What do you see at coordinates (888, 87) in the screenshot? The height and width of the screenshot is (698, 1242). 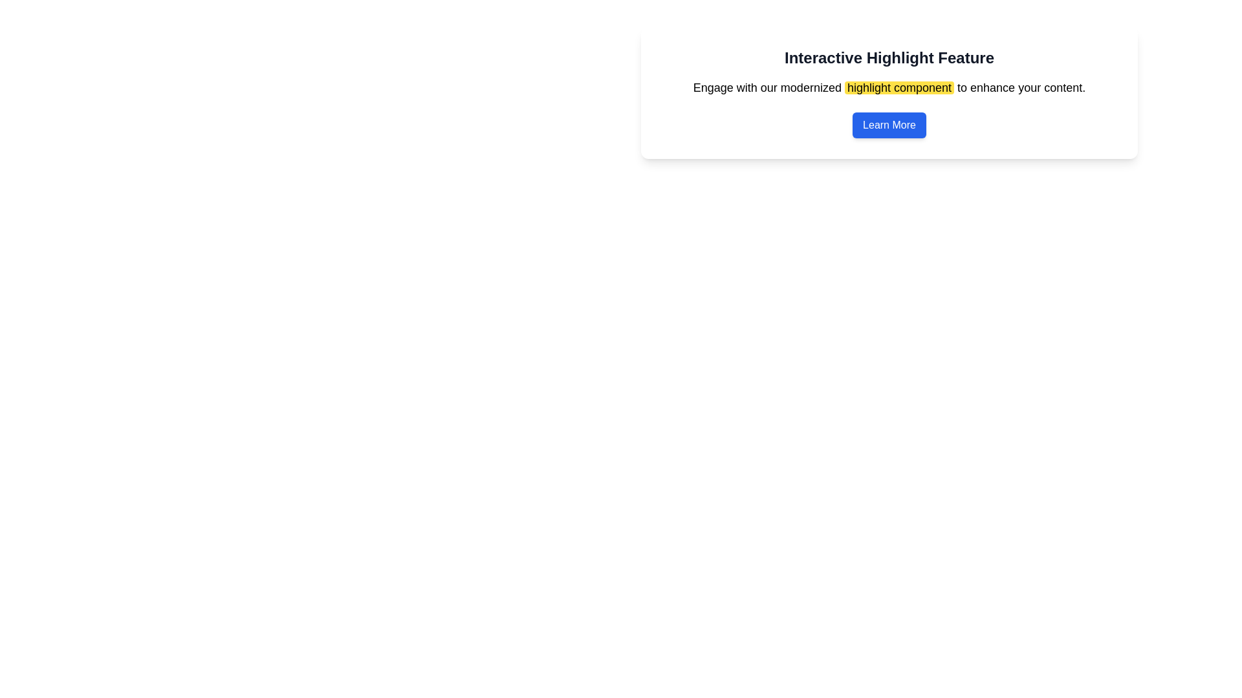 I see `the styled text element with a highlighted portion in yellow, positioned centrally below the header 'Interactive Highlight Feature' and above the 'Learn More' button` at bounding box center [888, 87].